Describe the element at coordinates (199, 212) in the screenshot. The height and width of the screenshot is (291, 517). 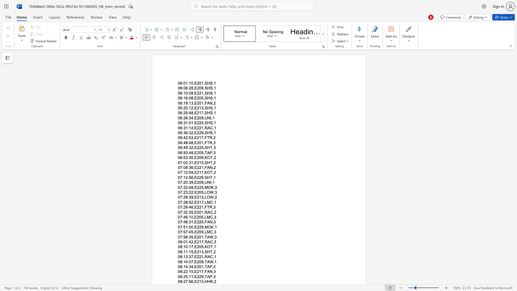
I see `the space between the continuous character "2" and "0" in the text` at that location.